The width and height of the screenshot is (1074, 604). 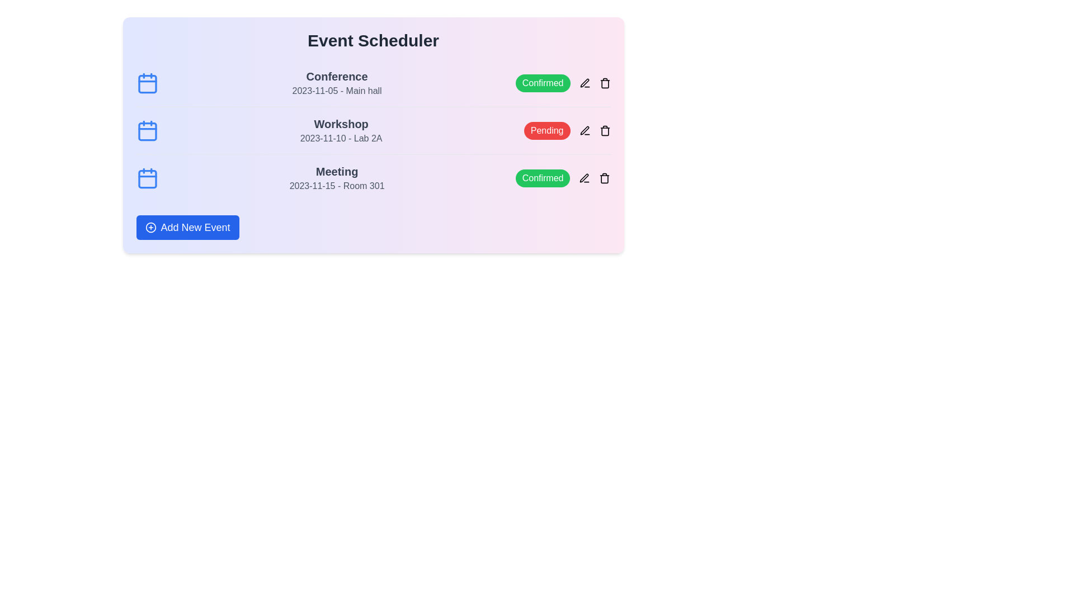 What do you see at coordinates (341, 130) in the screenshot?
I see `the 'Workshop' text block in the 'Event Scheduler' panel, which is the second entry in the event list and includes the details '2023-11-10 - Lab 2A'` at bounding box center [341, 130].